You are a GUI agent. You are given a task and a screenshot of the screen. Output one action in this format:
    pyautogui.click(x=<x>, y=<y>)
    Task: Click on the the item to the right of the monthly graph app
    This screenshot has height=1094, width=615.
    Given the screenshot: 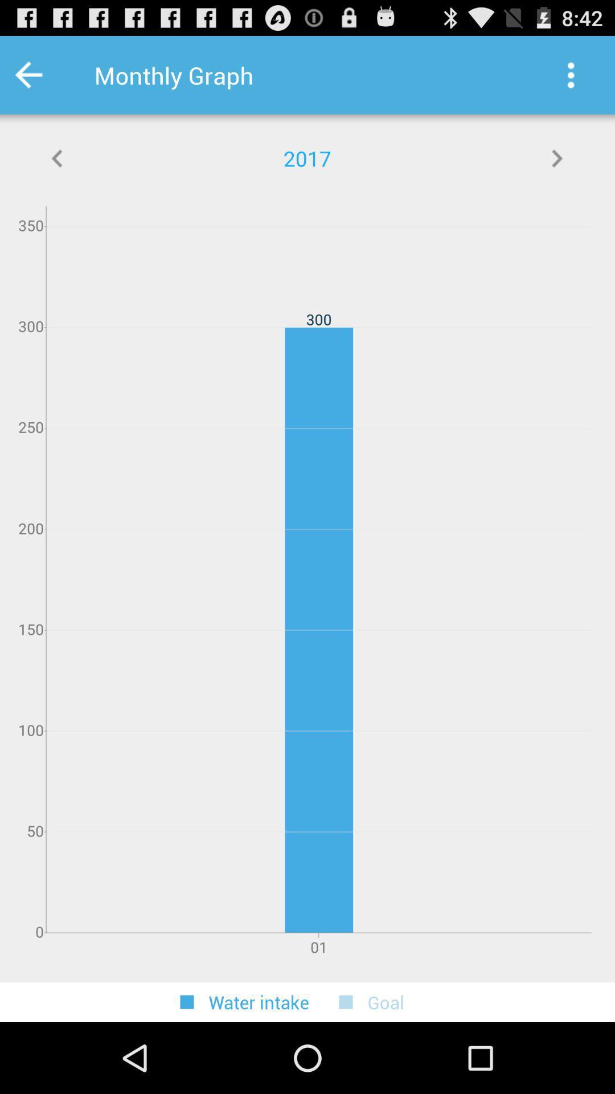 What is the action you would take?
    pyautogui.click(x=571, y=75)
    